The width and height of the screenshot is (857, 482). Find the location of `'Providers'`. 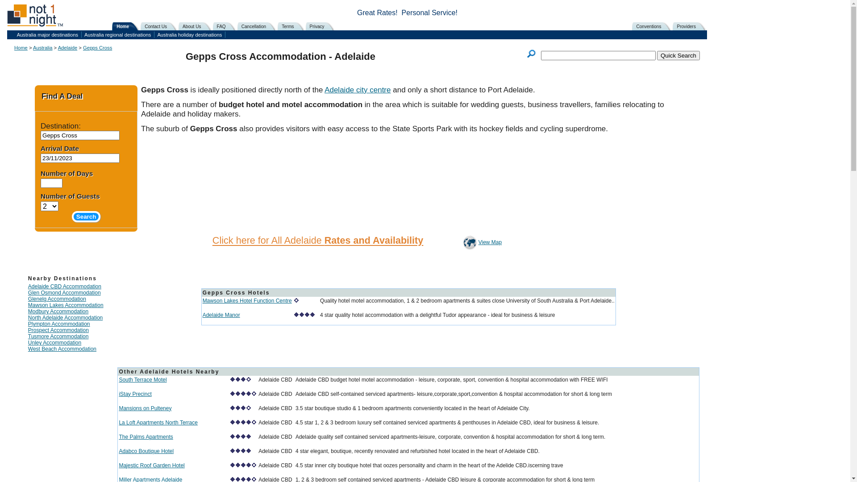

'Providers' is located at coordinates (690, 25).